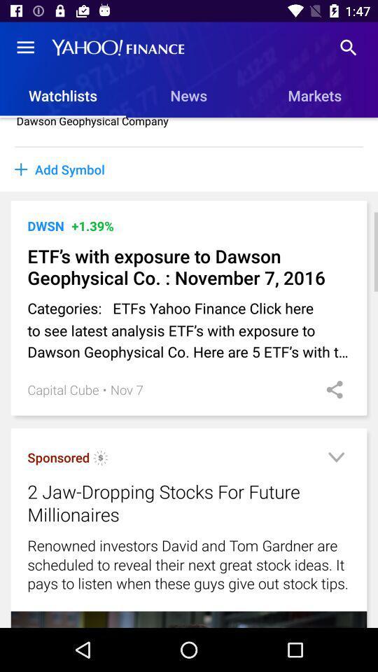  Describe the element at coordinates (312, 132) in the screenshot. I see `item to the right of the dawson geophysical company item` at that location.